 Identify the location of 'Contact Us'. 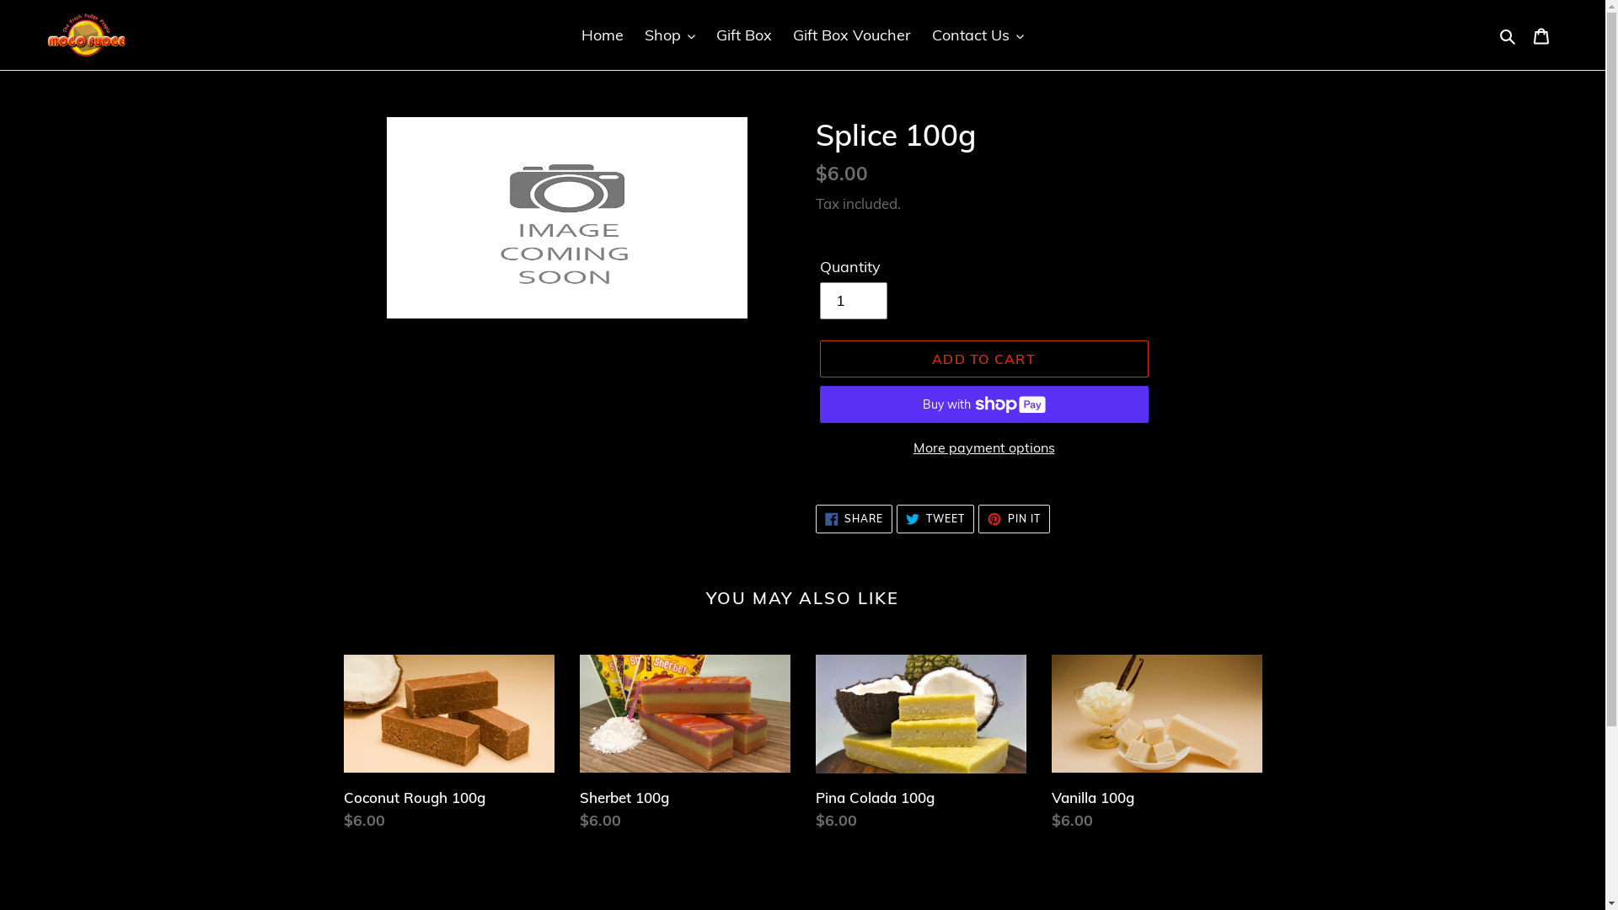
(922, 35).